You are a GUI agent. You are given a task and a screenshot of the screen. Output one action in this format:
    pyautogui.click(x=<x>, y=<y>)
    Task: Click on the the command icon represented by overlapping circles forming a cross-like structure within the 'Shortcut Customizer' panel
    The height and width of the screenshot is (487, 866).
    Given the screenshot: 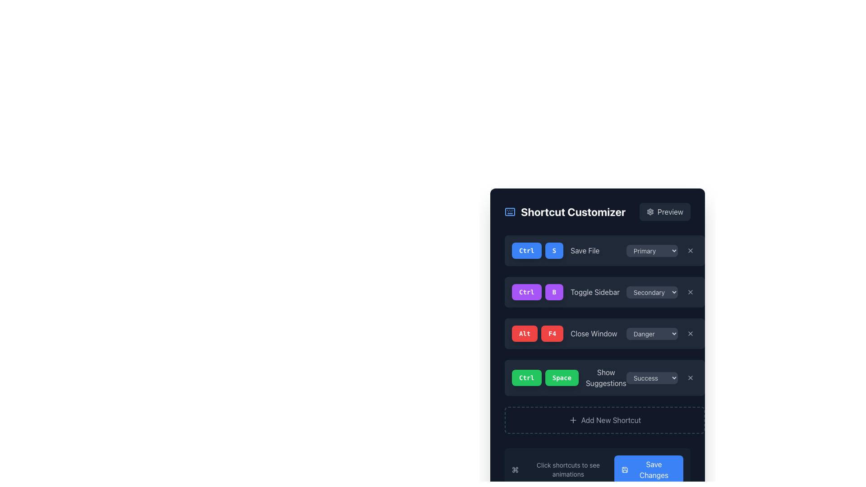 What is the action you would take?
    pyautogui.click(x=515, y=469)
    